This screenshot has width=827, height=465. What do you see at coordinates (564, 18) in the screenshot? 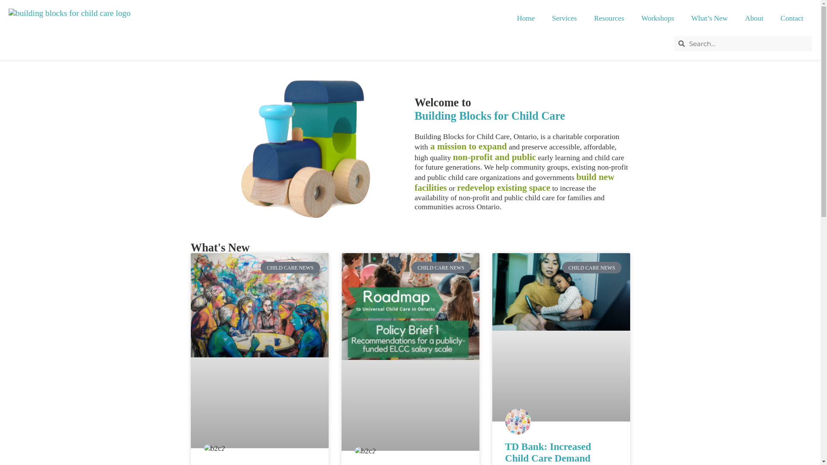
I see `'Services'` at bounding box center [564, 18].